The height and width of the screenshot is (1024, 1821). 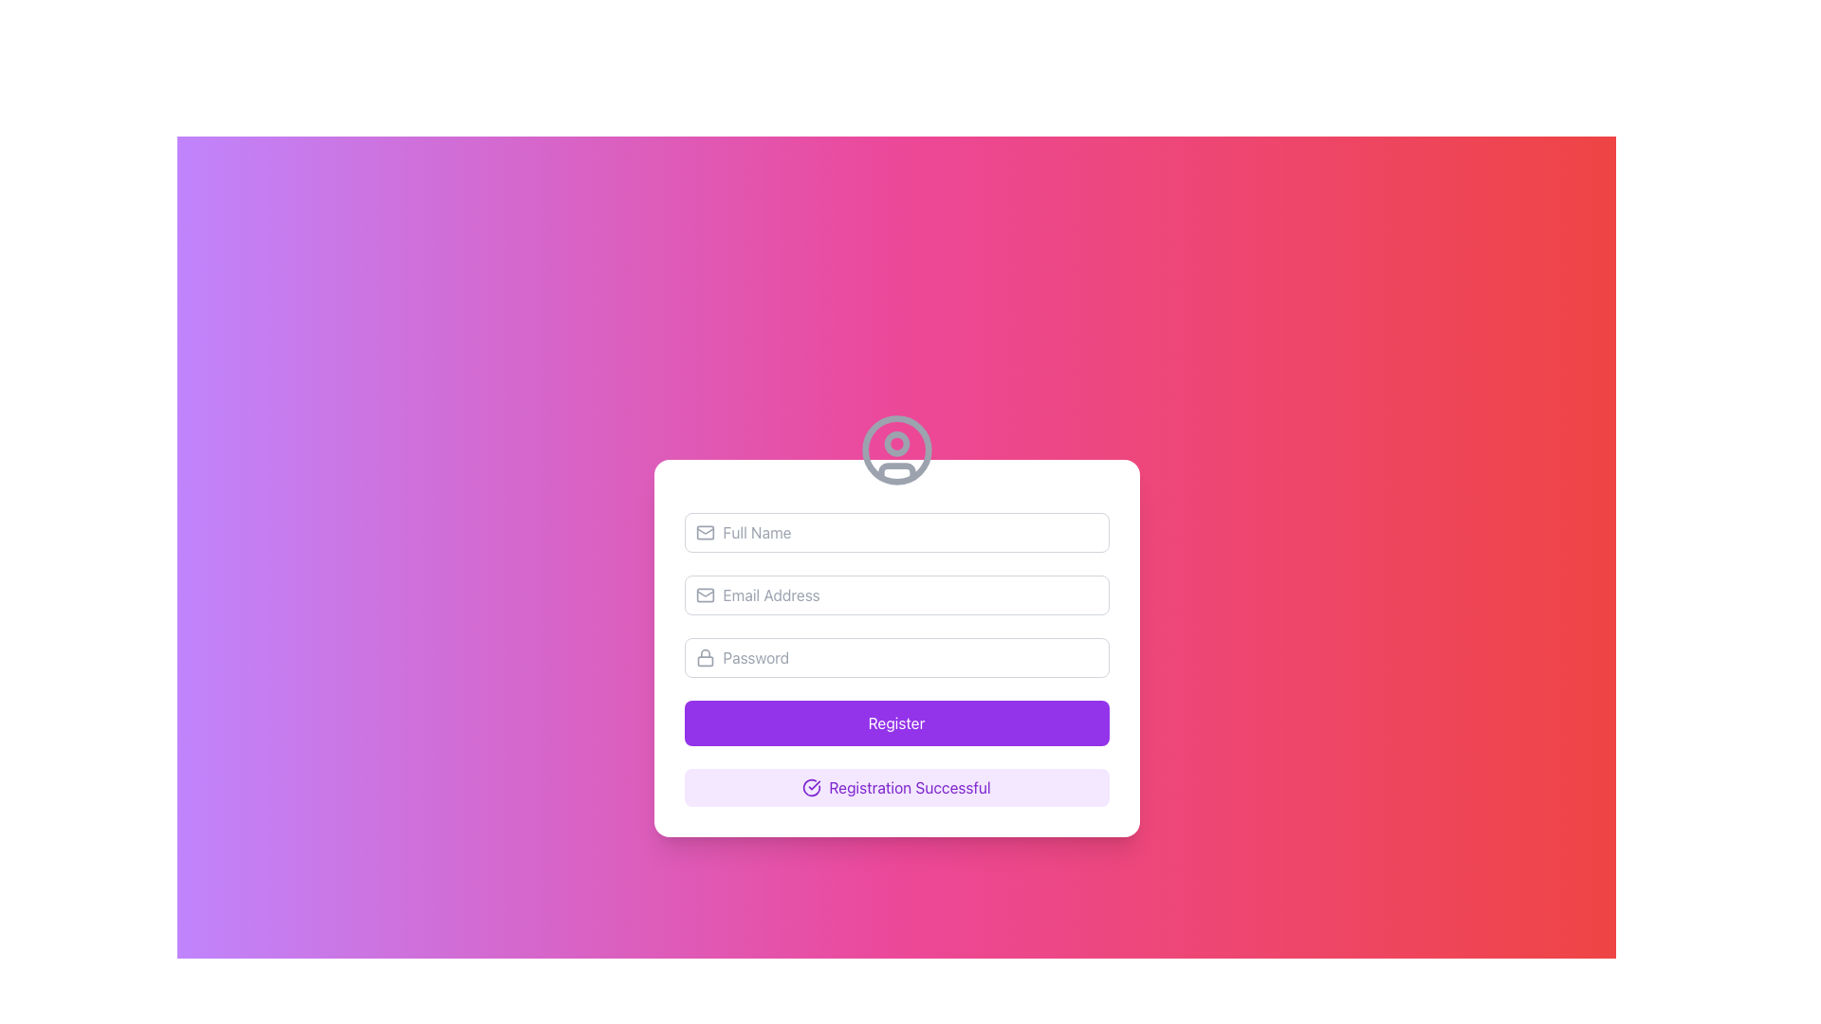 What do you see at coordinates (895, 444) in the screenshot?
I see `the small gray filled circular icon, which is centered within a larger circular graphic near the top-center of the registration card, positioned below the gradient header and above the input fields` at bounding box center [895, 444].